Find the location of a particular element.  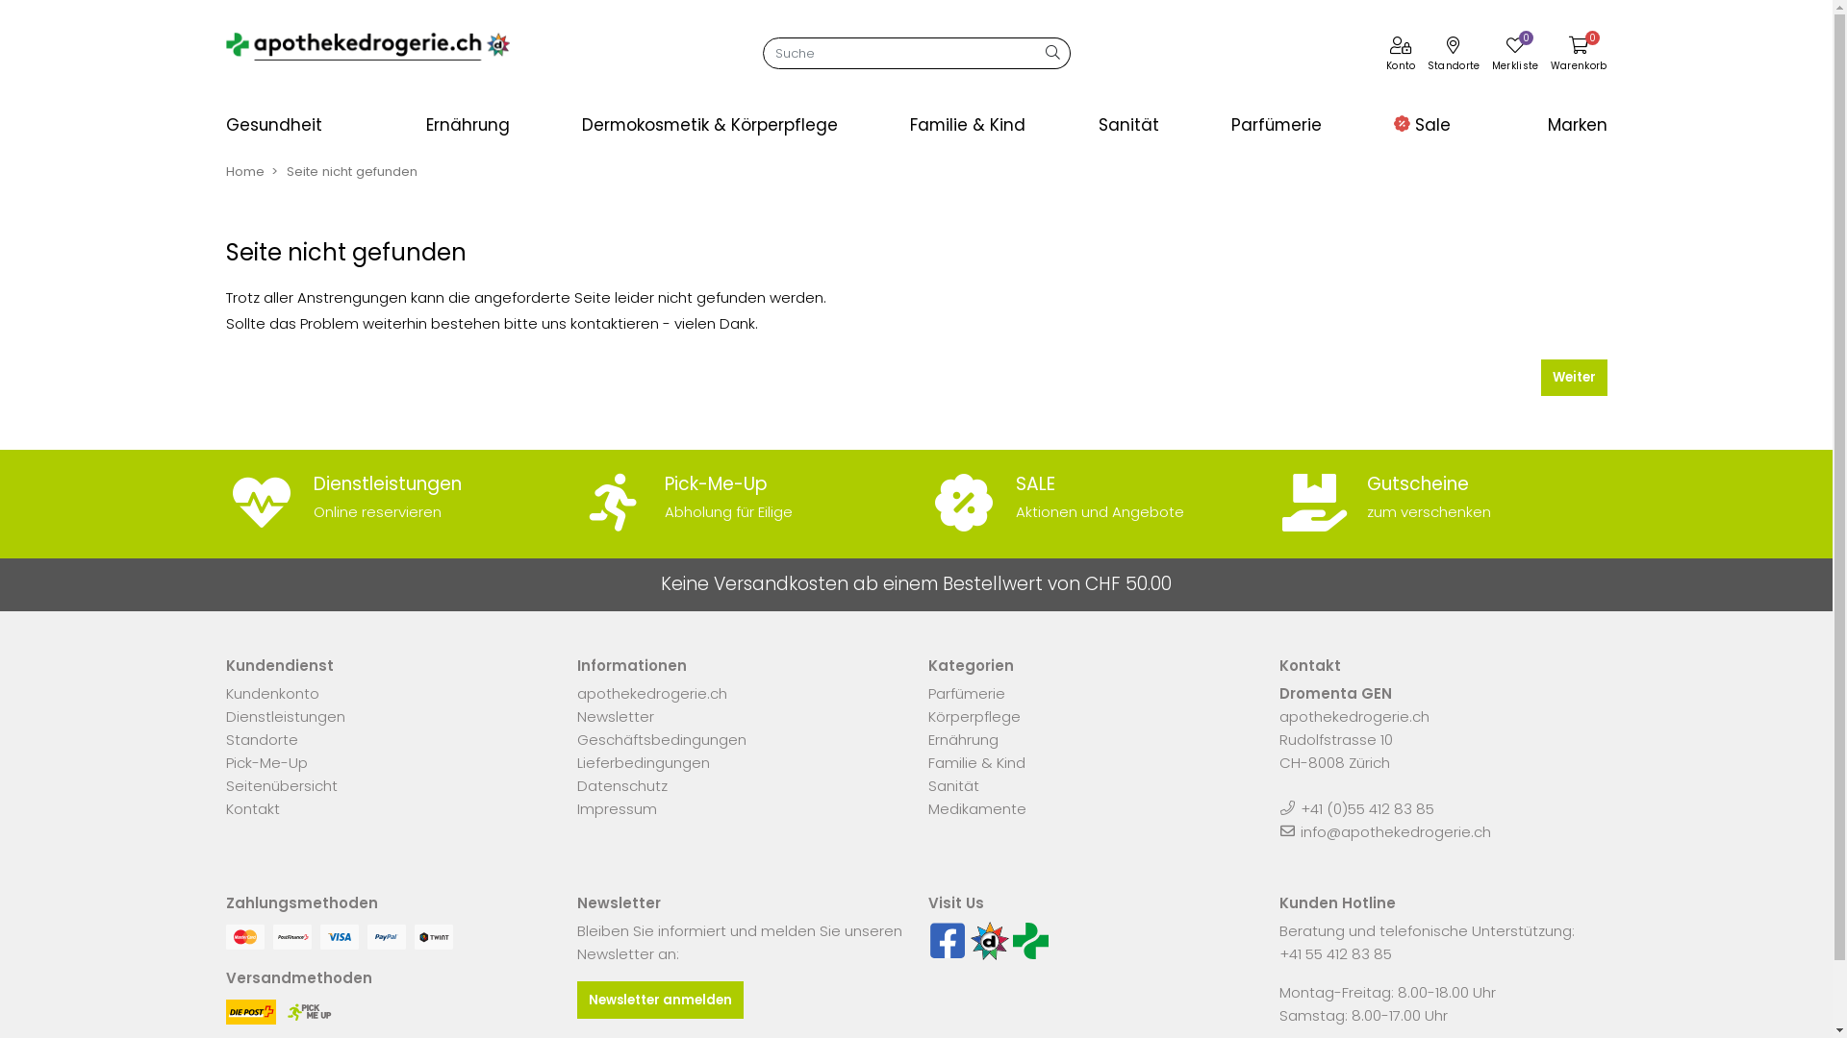

'Gesundheit' is located at coordinates (309, 125).